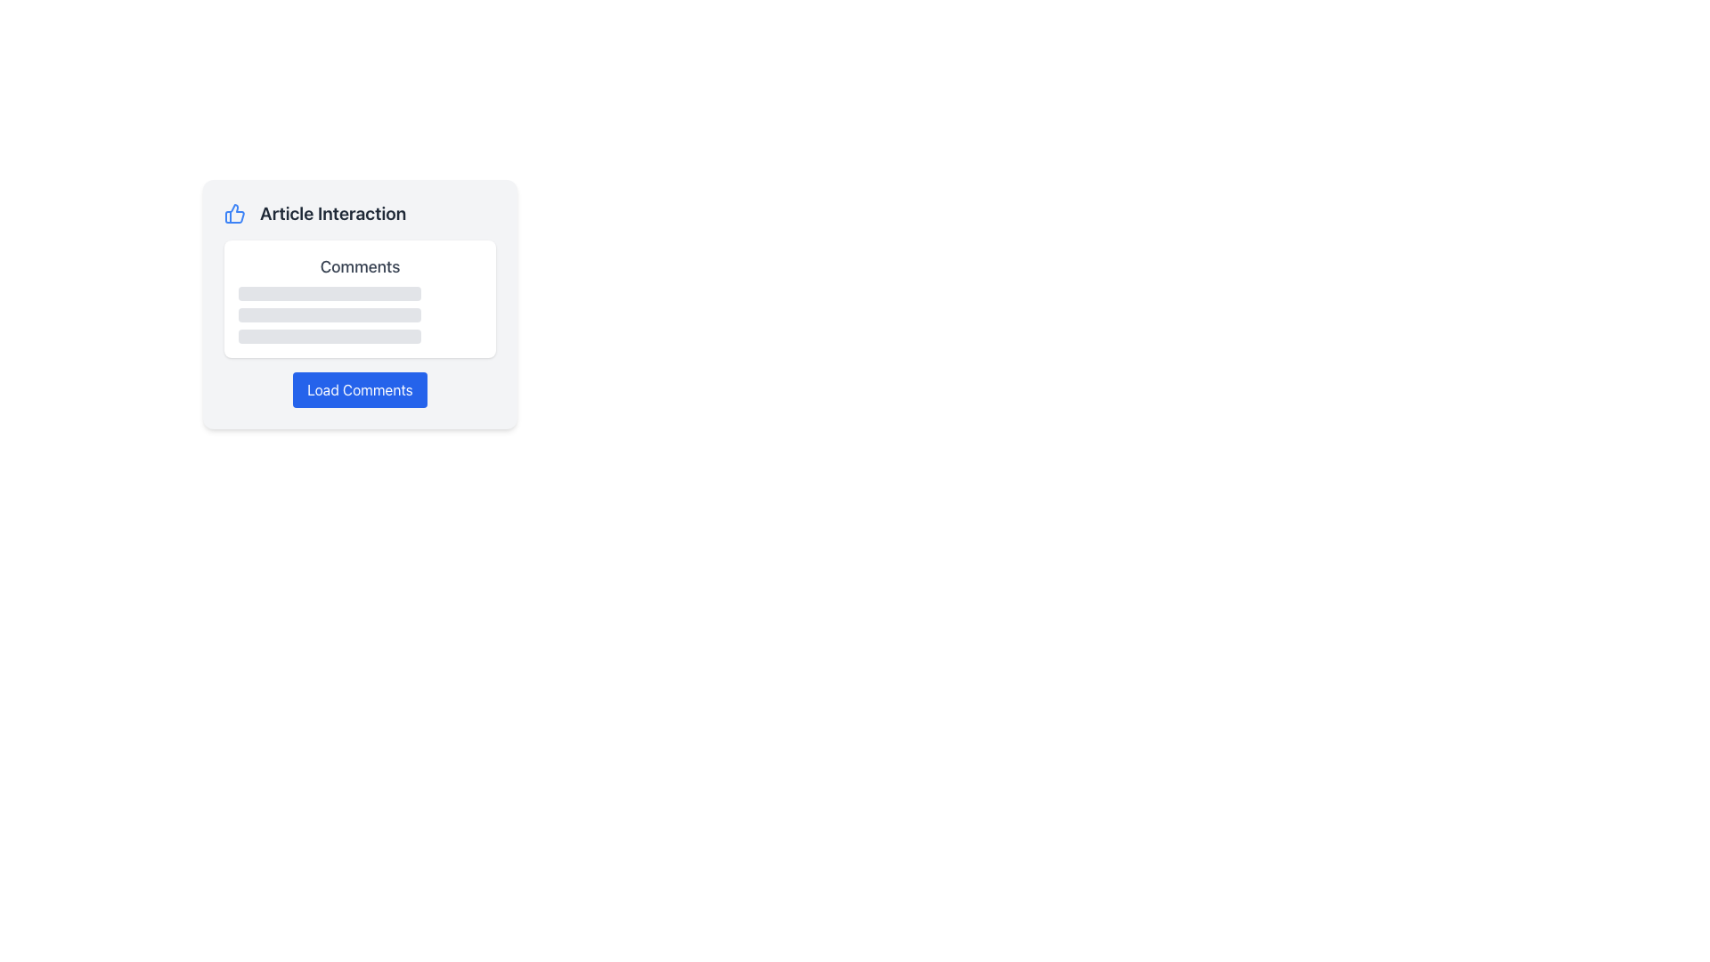  What do you see at coordinates (359, 314) in the screenshot?
I see `the placeholder element that visually indicates loading or unavailable content, located beneath the 'Comments' header and above the 'Load Comments' button` at bounding box center [359, 314].